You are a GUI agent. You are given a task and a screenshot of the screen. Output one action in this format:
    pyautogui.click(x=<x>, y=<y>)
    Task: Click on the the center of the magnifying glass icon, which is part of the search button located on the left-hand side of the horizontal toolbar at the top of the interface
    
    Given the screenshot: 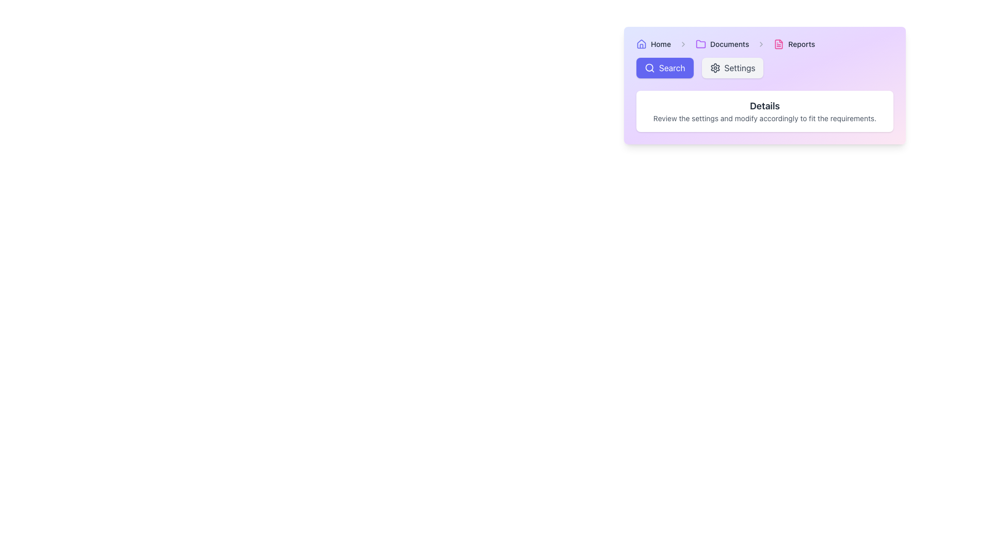 What is the action you would take?
    pyautogui.click(x=648, y=68)
    